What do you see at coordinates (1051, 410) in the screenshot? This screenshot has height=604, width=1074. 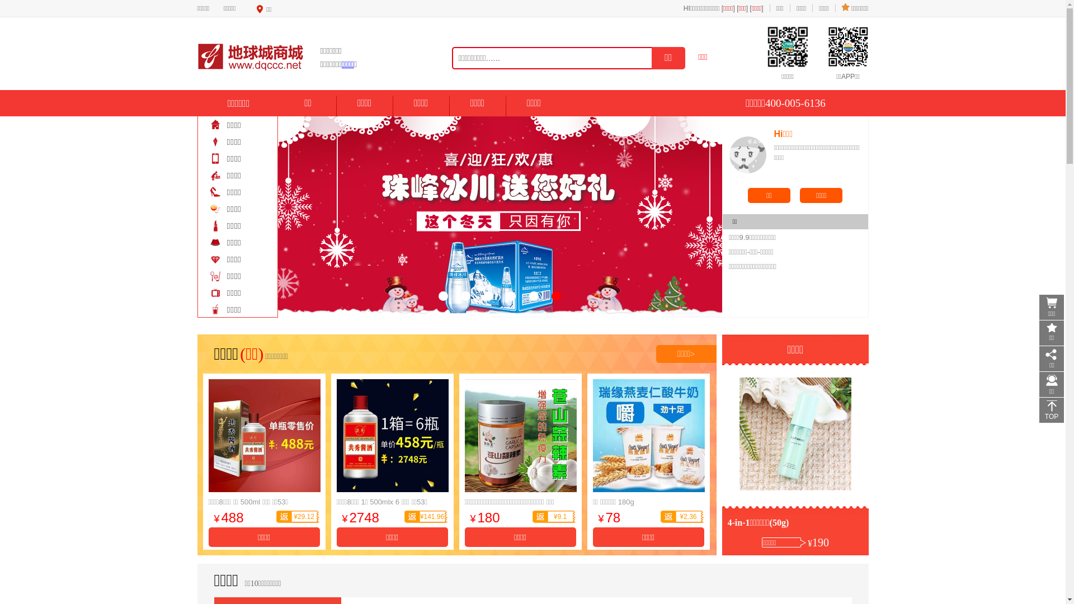 I see `'TOP'` at bounding box center [1051, 410].